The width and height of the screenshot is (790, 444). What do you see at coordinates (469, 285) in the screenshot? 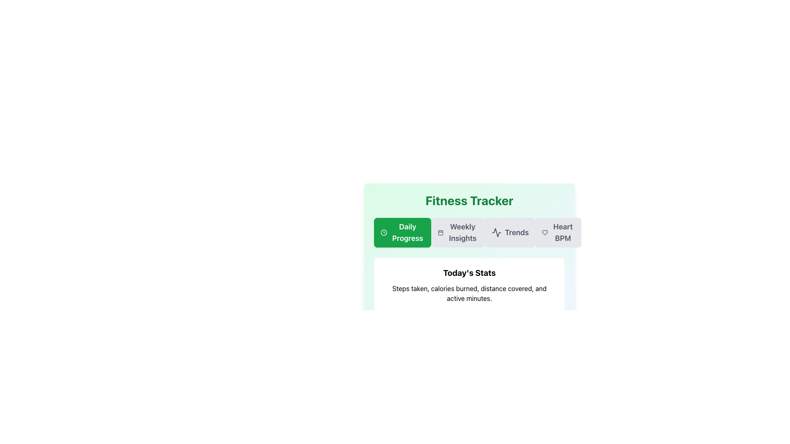
I see `the informational Text Block that summarizes daily fitness-related statistics, located centrally below the 'Fitness Tracker' header` at bounding box center [469, 285].